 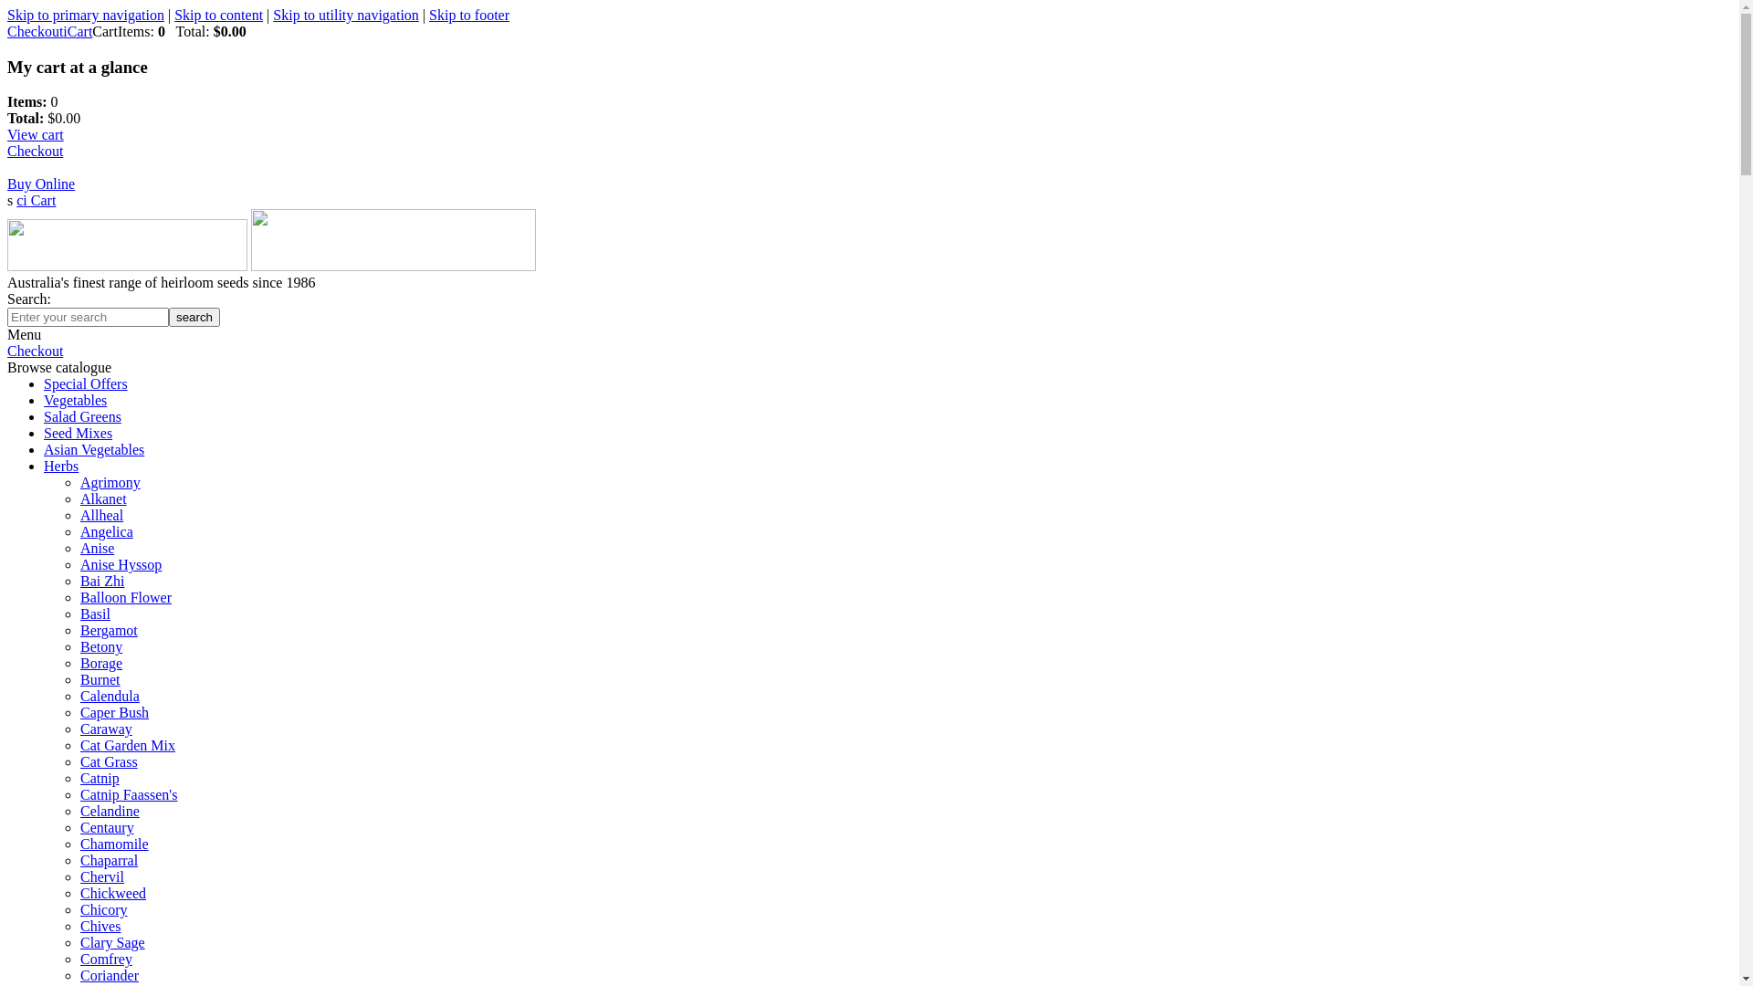 I want to click on 'Chervil', so click(x=100, y=876).